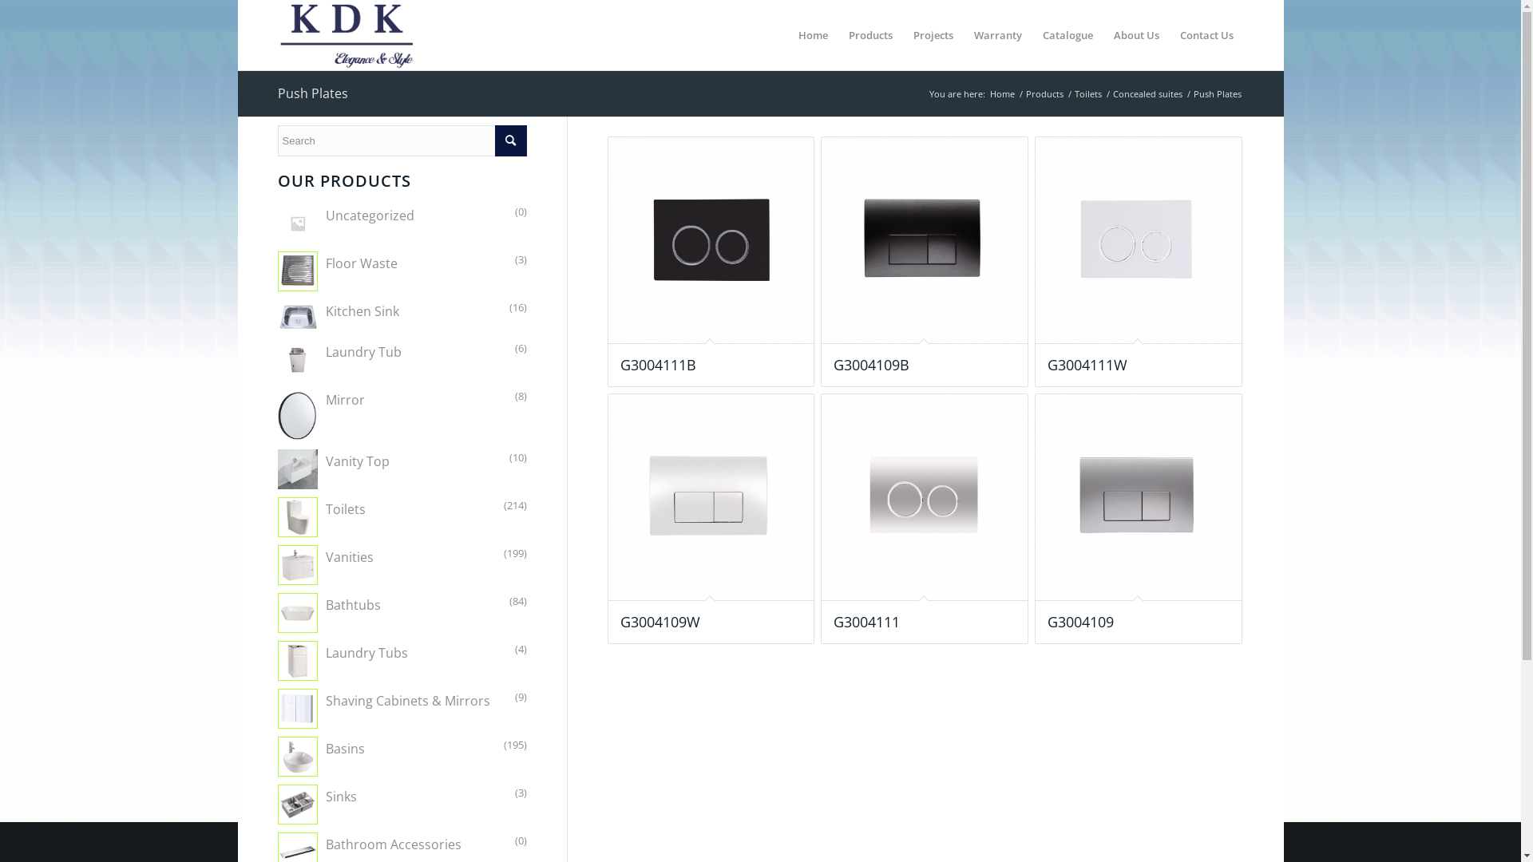  Describe the element at coordinates (320, 756) in the screenshot. I see `'Basins'` at that location.